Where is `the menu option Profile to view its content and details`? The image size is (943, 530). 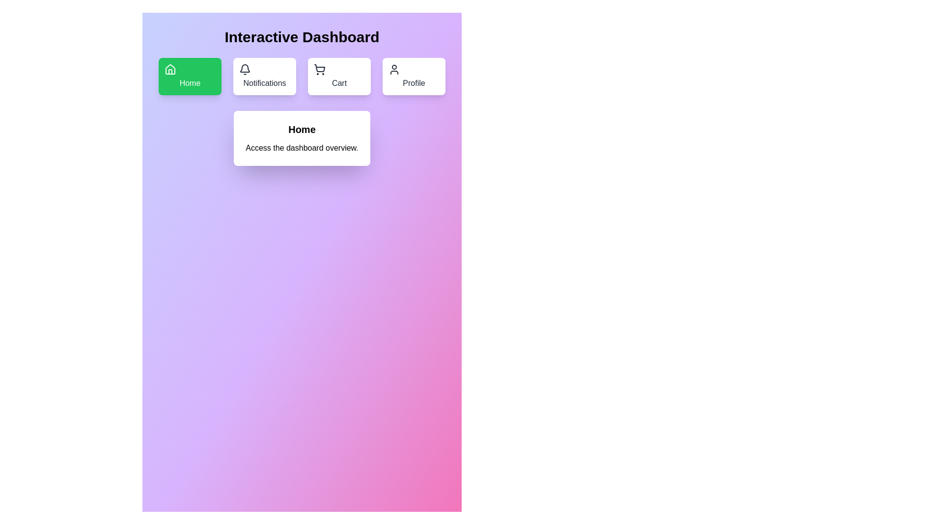 the menu option Profile to view its content and details is located at coordinates (414, 76).